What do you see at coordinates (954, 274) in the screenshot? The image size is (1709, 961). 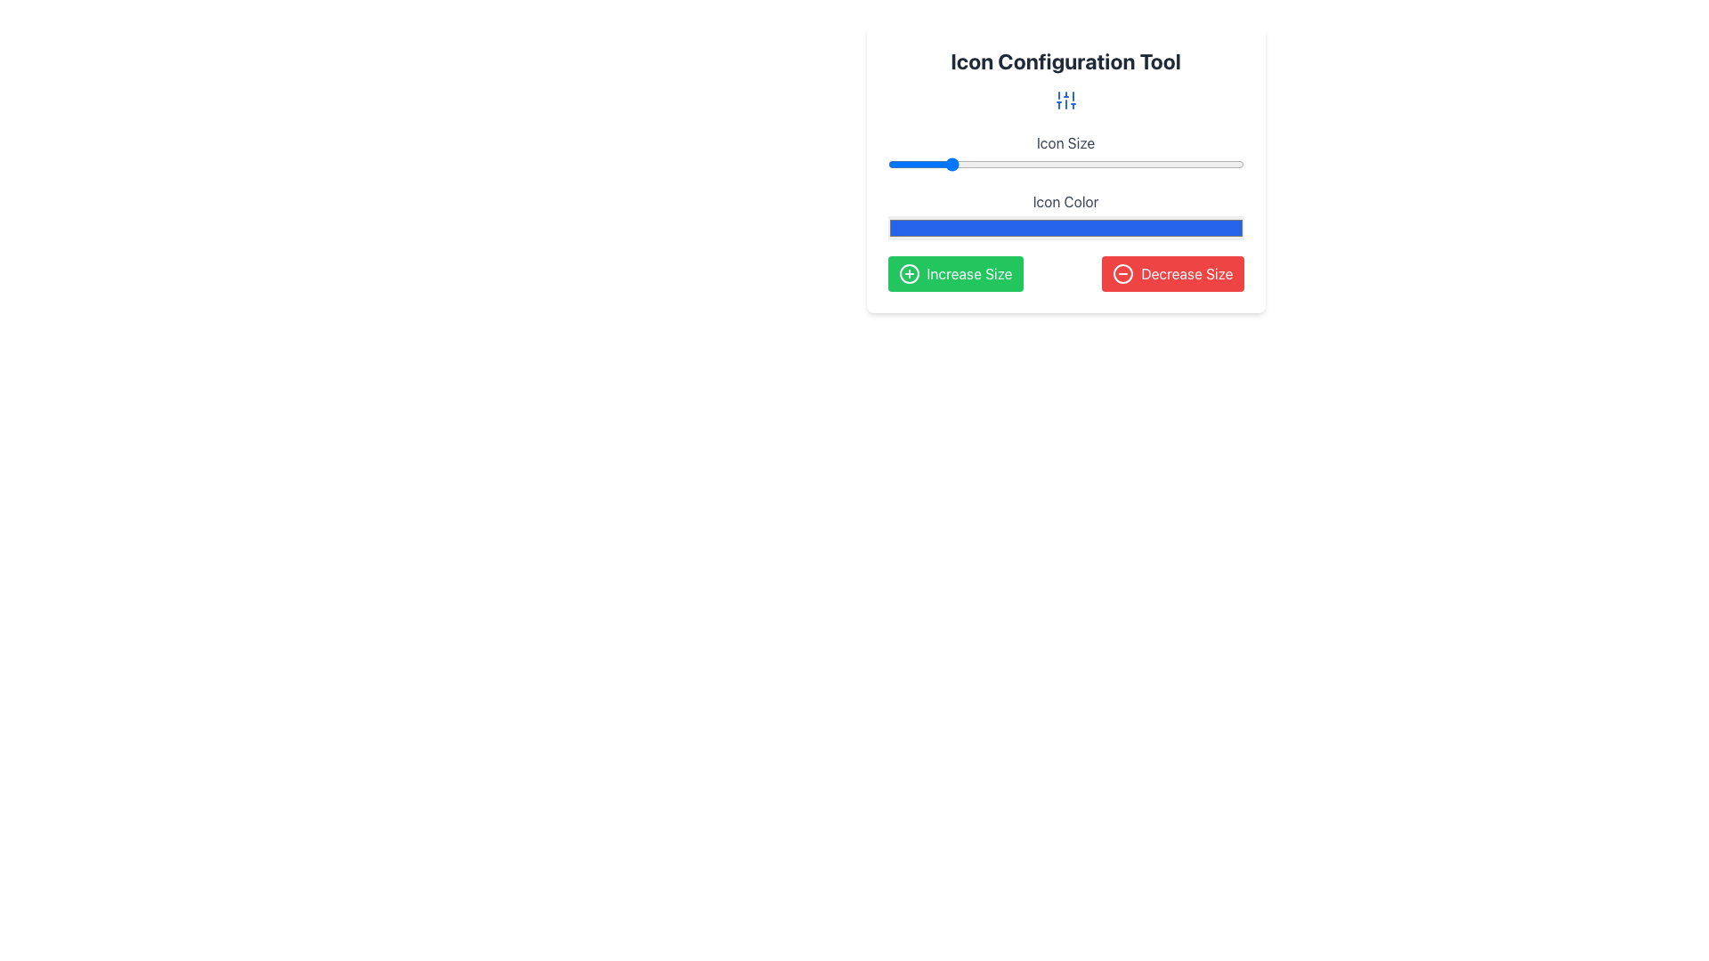 I see `the green 'Increase Size' button with rounded edges` at bounding box center [954, 274].